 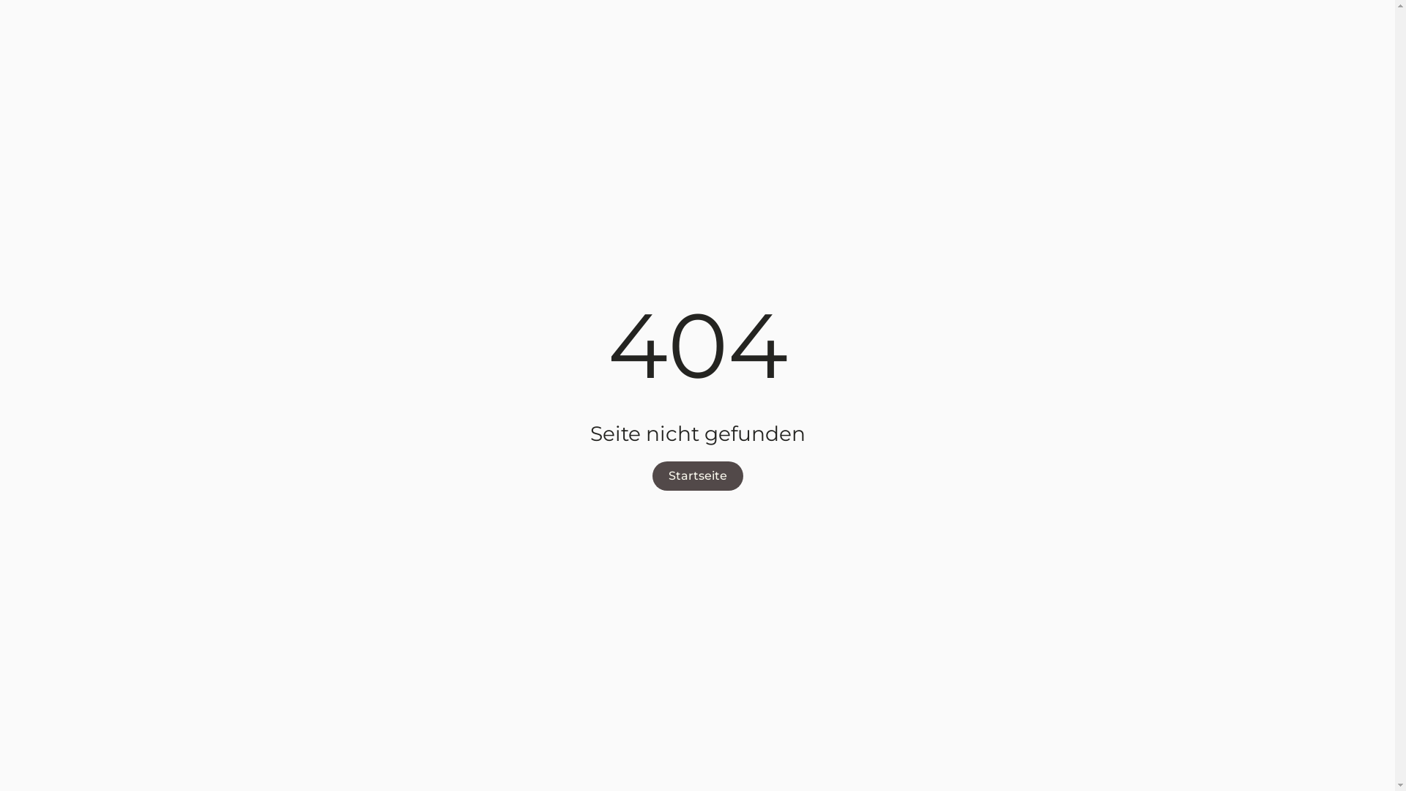 I want to click on 'Startseite', so click(x=696, y=476).